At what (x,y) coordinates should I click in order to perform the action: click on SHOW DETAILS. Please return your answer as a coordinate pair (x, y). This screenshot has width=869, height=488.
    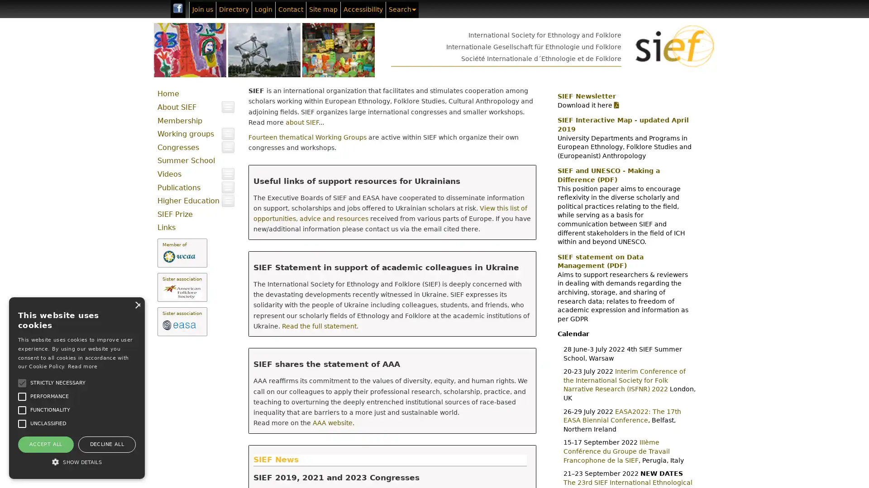
    Looking at the image, I should click on (76, 462).